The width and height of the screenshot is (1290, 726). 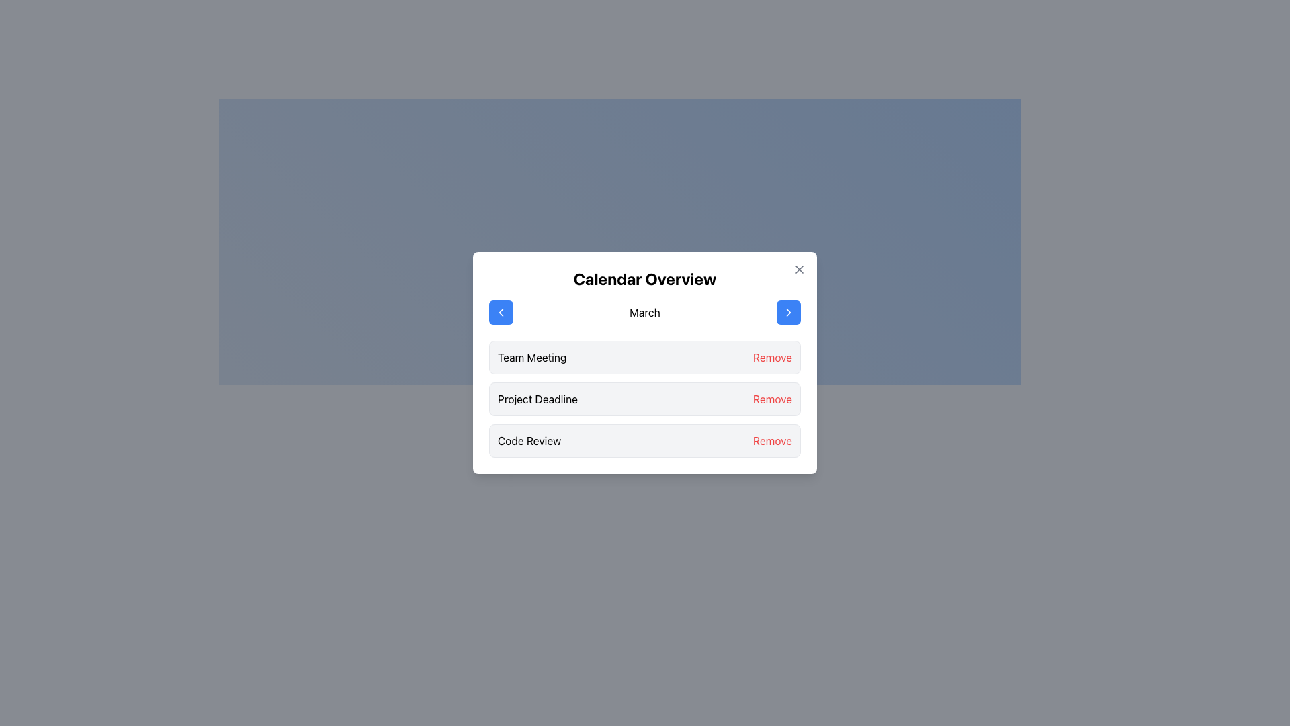 What do you see at coordinates (788, 313) in the screenshot?
I see `the navigational arrow icon located inside the blue button on the top right corner of the calendar dialog` at bounding box center [788, 313].